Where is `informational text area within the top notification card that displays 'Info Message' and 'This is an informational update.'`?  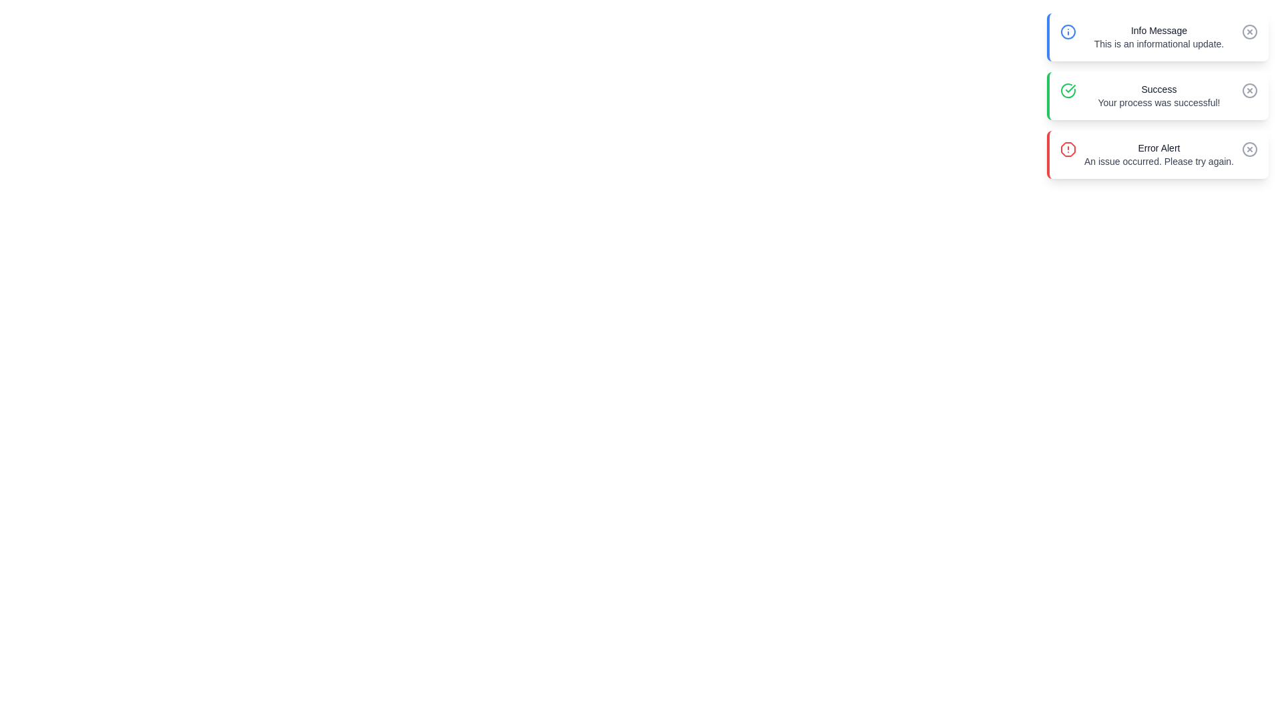
informational text area within the top notification card that displays 'Info Message' and 'This is an informational update.' is located at coordinates (1158, 37).